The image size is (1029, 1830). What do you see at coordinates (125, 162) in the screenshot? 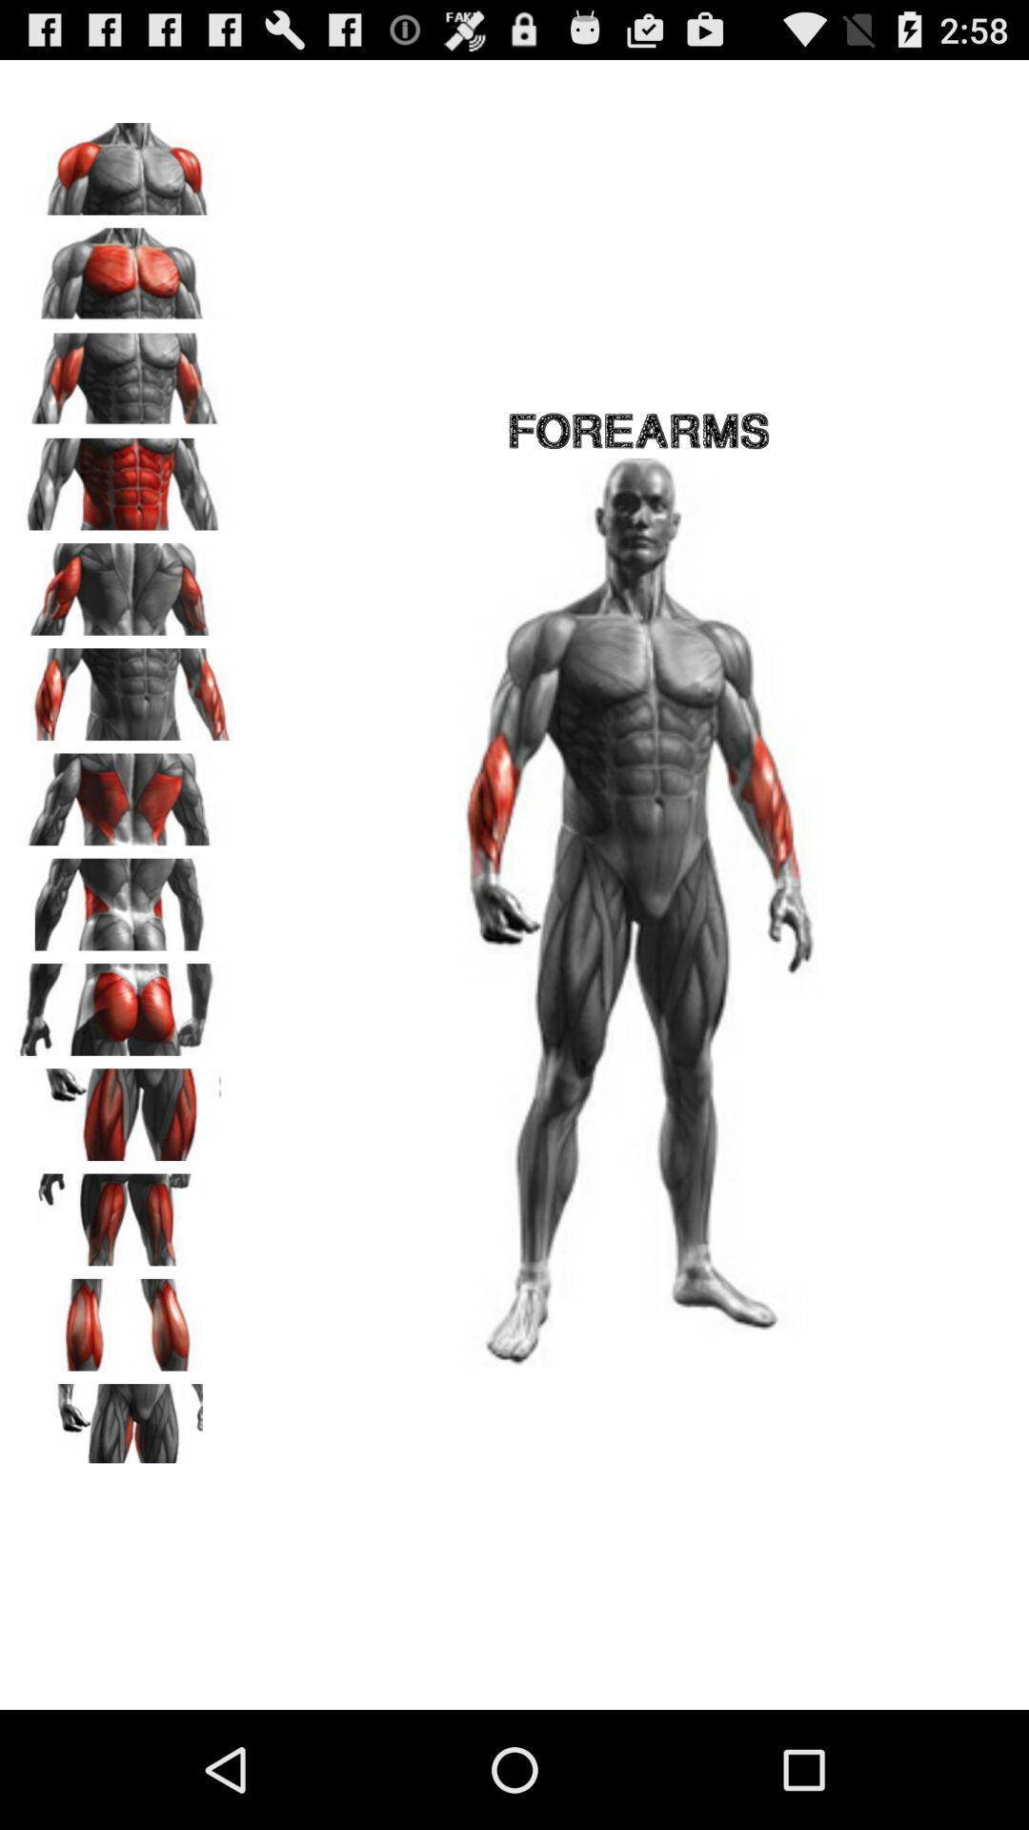
I see `shoulder muscles` at bounding box center [125, 162].